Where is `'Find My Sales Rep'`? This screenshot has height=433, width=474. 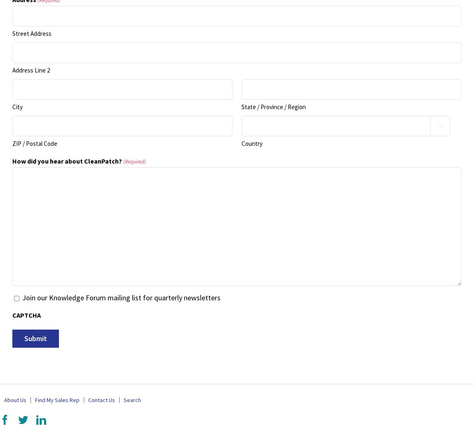
'Find My Sales Rep' is located at coordinates (56, 400).